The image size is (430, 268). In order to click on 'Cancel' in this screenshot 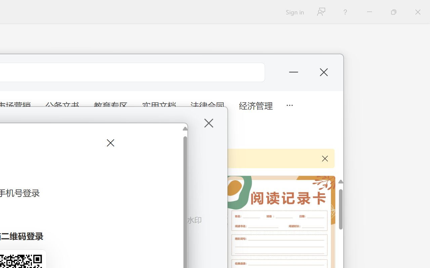, I will do `click(110, 143)`.